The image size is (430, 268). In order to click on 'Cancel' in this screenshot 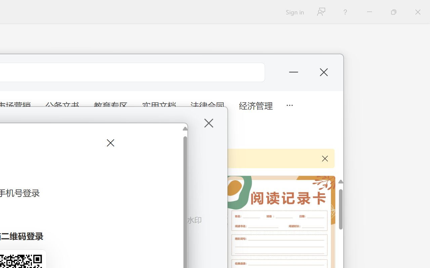, I will do `click(110, 143)`.